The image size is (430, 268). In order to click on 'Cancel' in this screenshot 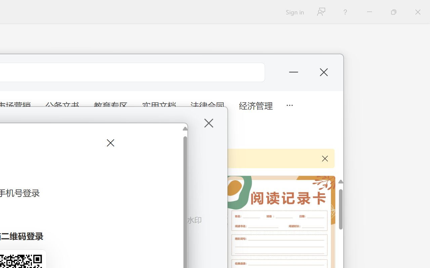, I will do `click(110, 143)`.